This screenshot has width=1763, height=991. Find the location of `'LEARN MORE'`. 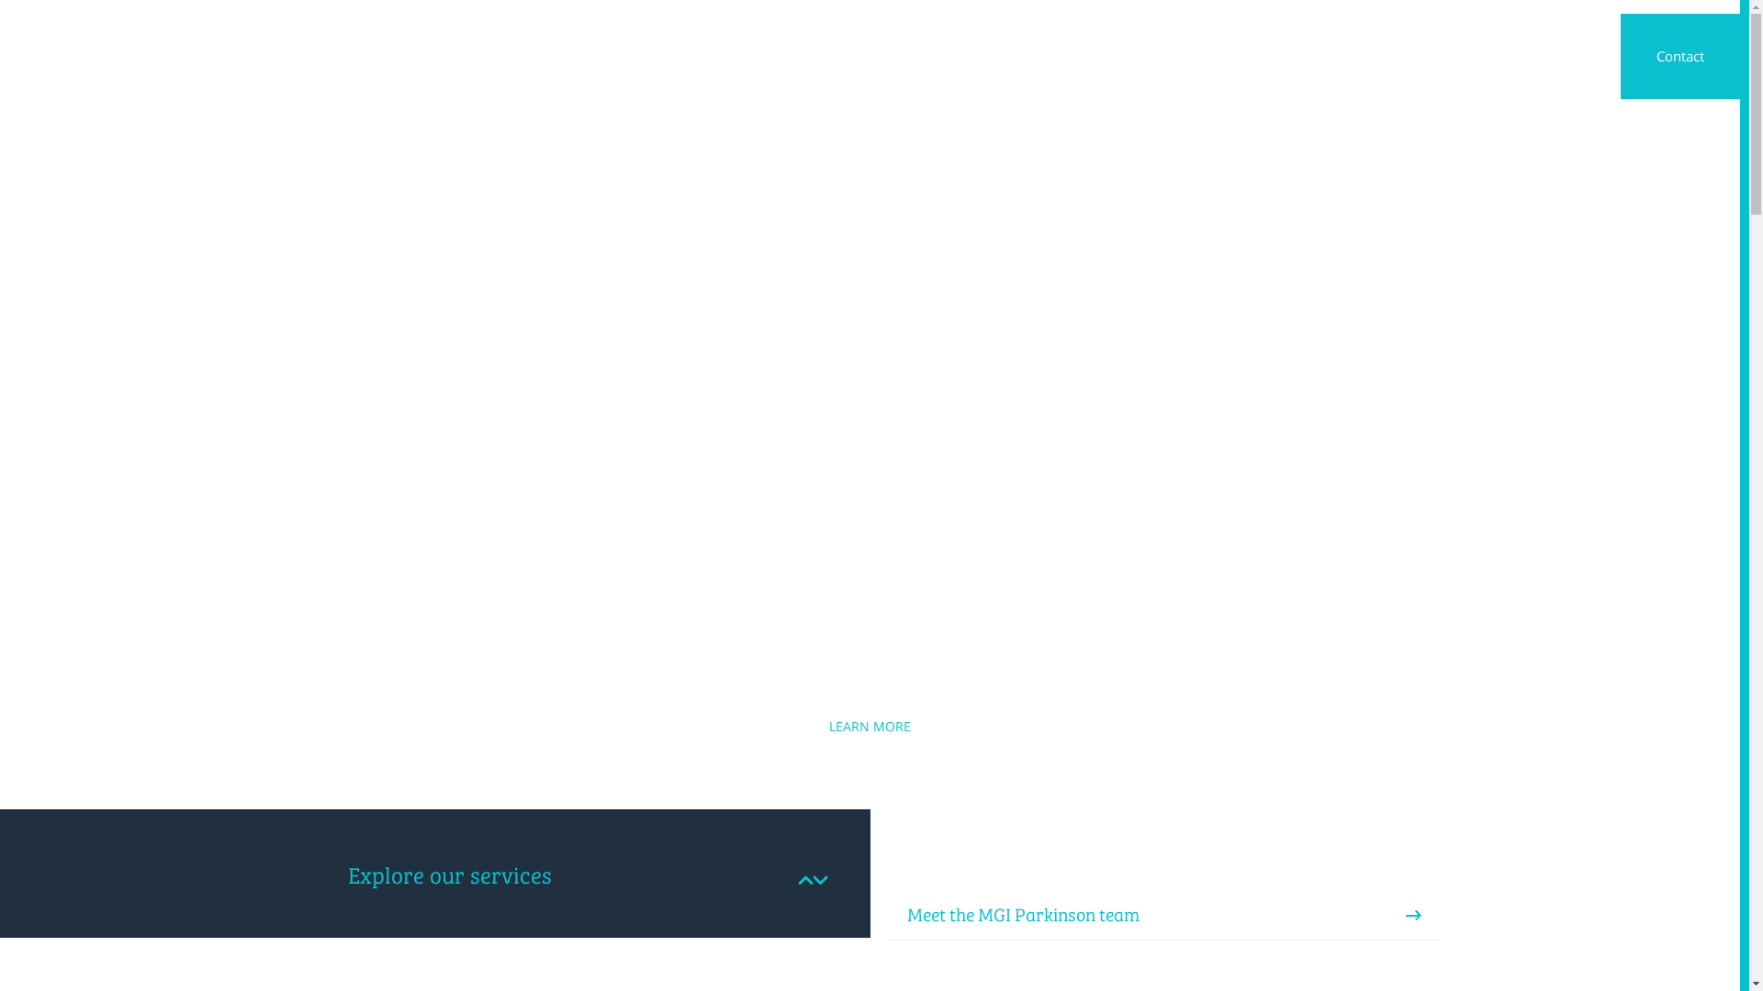

'LEARN MORE' is located at coordinates (869, 725).